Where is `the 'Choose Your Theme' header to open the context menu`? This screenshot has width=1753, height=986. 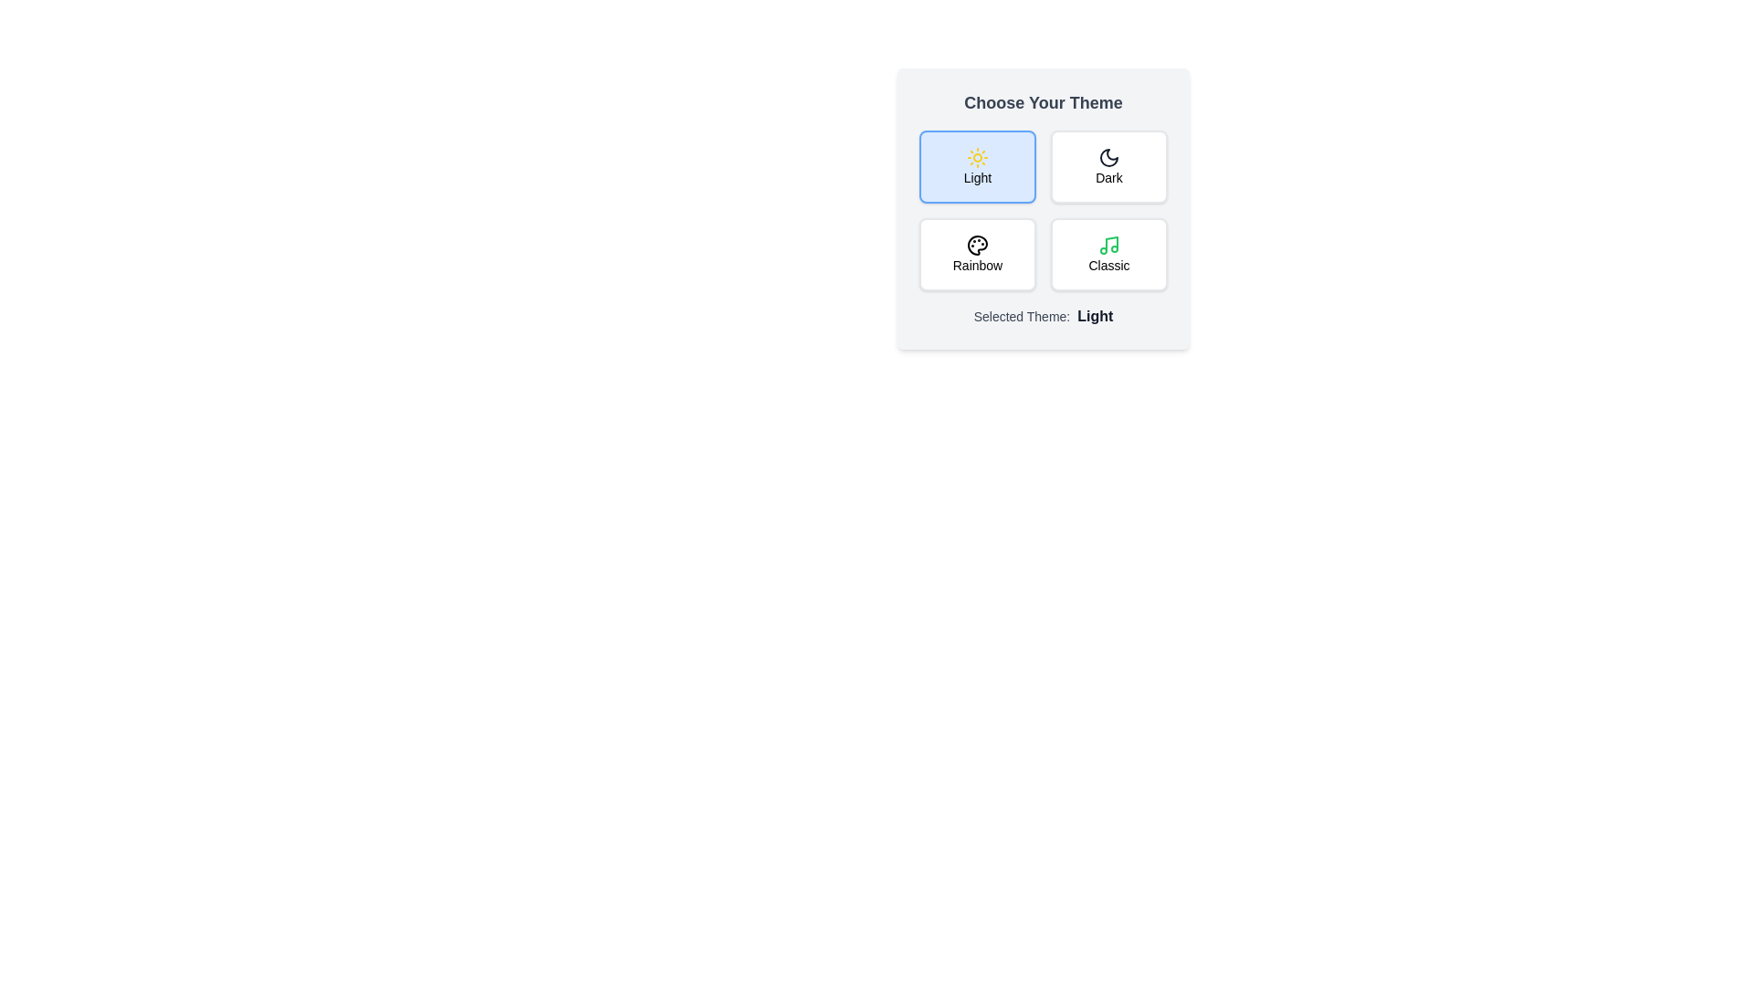 the 'Choose Your Theme' header to open the context menu is located at coordinates (1043, 102).